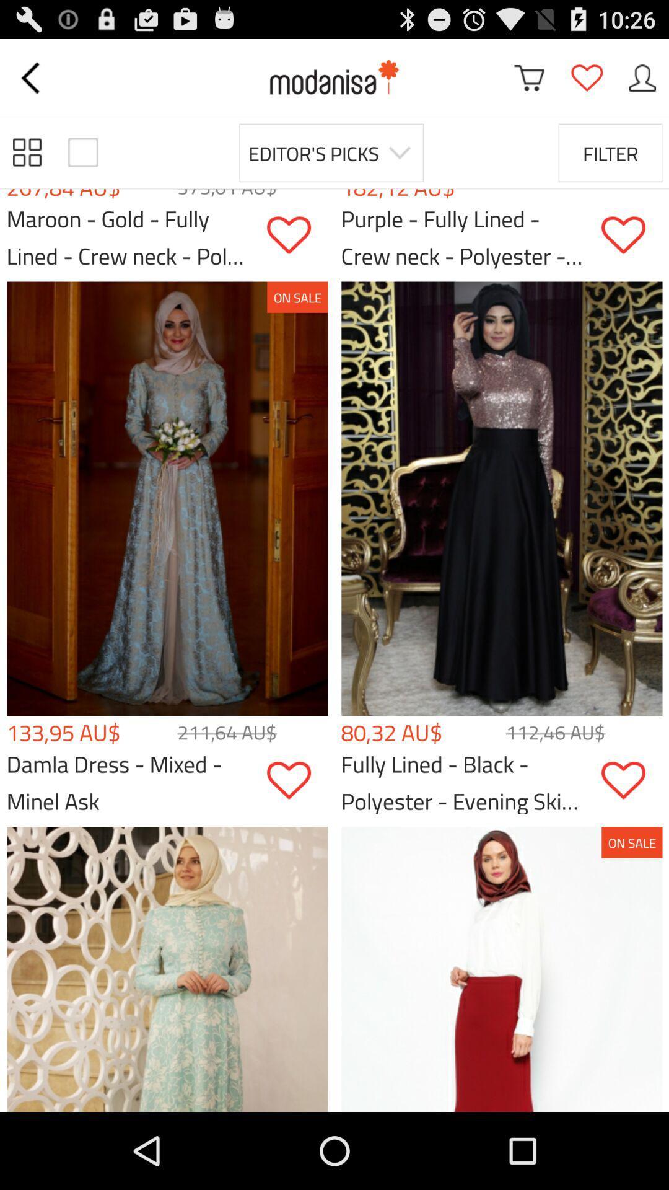  I want to click on like, so click(631, 235).